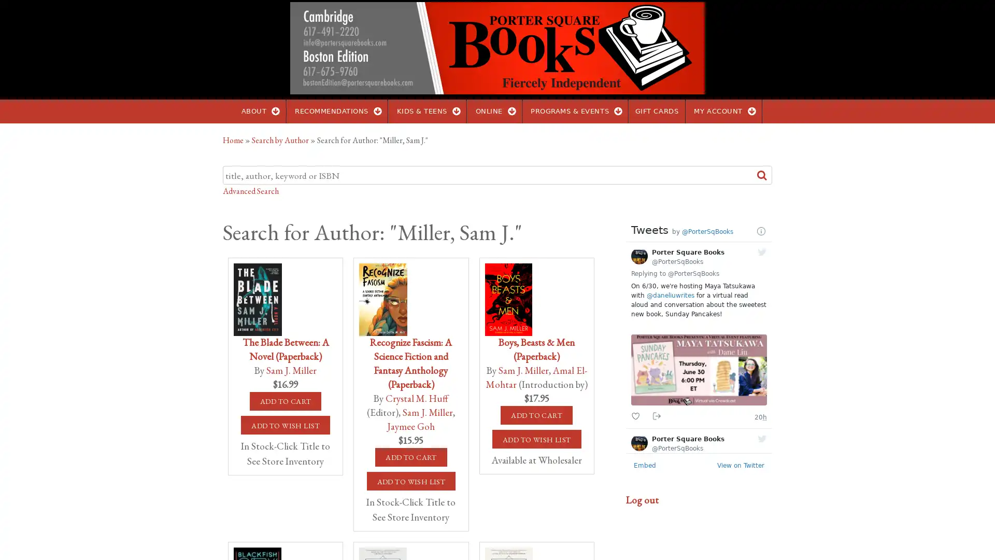 This screenshot has width=995, height=560. What do you see at coordinates (285, 401) in the screenshot?
I see `Add to Cart` at bounding box center [285, 401].